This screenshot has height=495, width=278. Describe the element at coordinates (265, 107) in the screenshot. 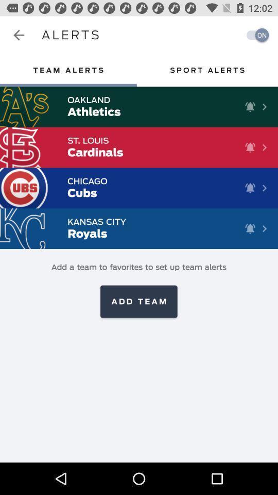

I see `the button` at that location.